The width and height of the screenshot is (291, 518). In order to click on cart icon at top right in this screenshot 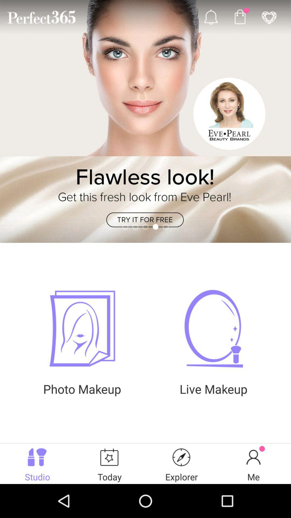, I will do `click(240, 17)`.